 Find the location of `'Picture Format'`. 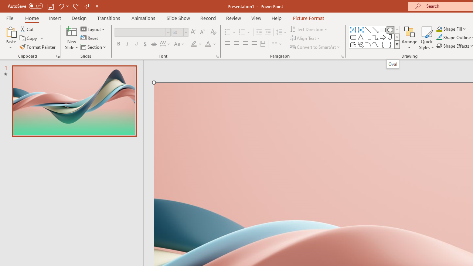

'Picture Format' is located at coordinates (309, 18).